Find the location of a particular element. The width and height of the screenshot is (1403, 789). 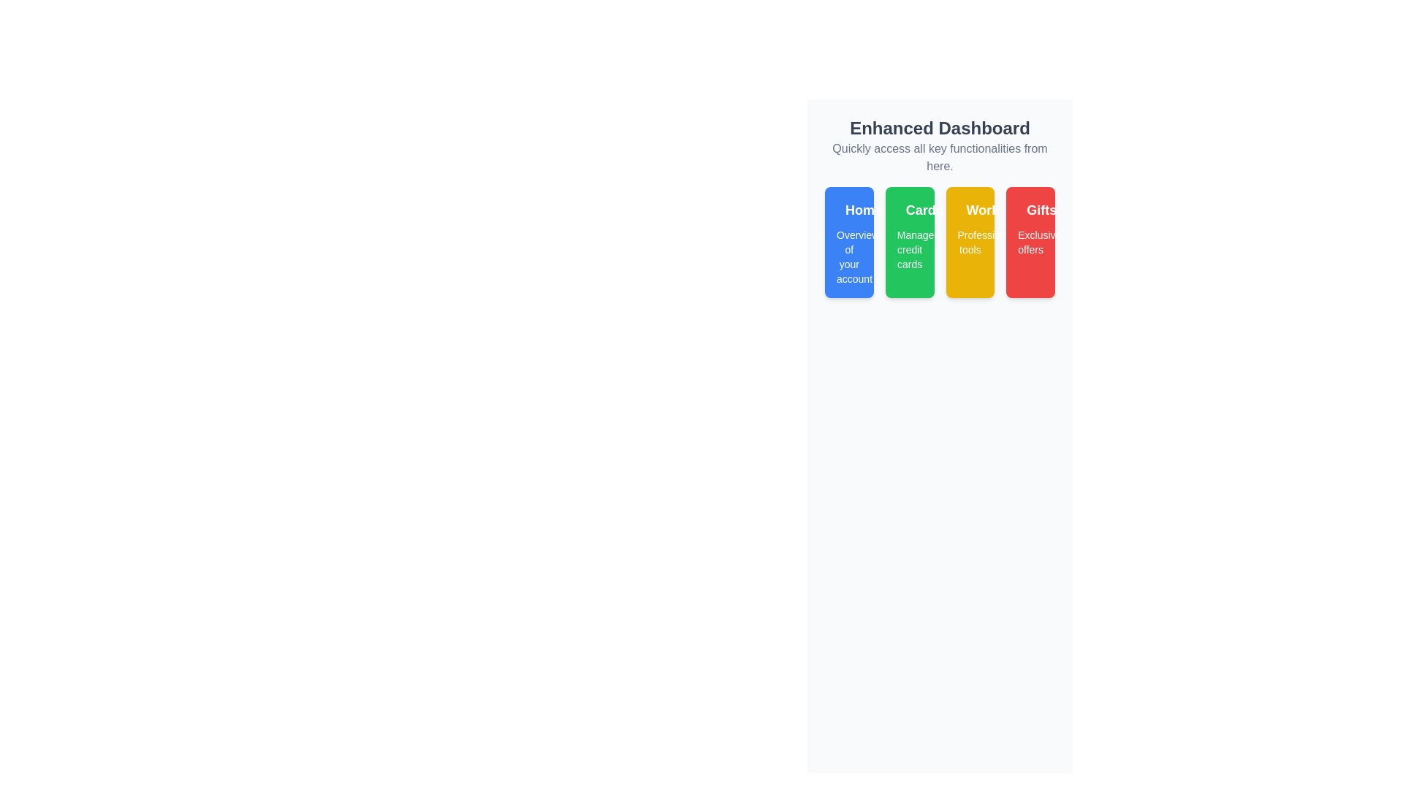

the Grid-based navigation widget located in the Enhanced Dashboard page, which consists of four sections labeled 'Home', 'Cards', 'Work', and 'Gifts' is located at coordinates (940, 241).